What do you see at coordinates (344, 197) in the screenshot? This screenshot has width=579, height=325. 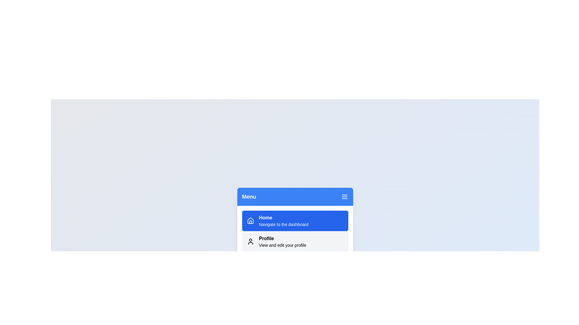 I see `the header menu icon to trigger its associated actions` at bounding box center [344, 197].